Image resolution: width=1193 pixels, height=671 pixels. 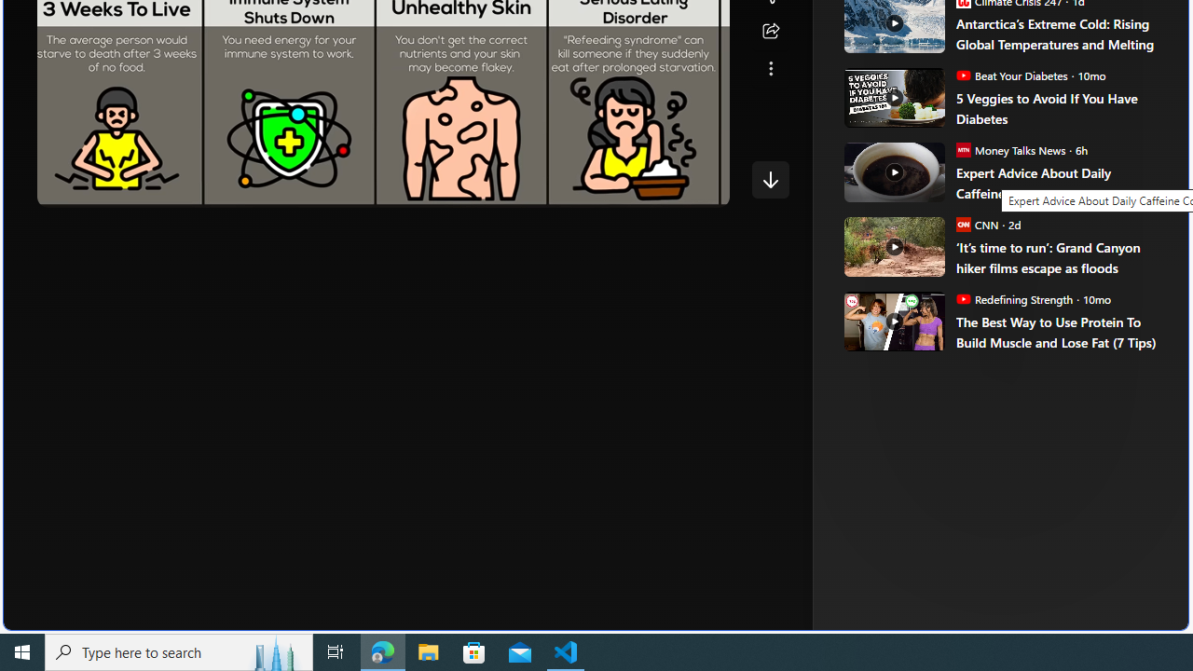 I want to click on 'Money Talks News Money Talks News', so click(x=1009, y=148).